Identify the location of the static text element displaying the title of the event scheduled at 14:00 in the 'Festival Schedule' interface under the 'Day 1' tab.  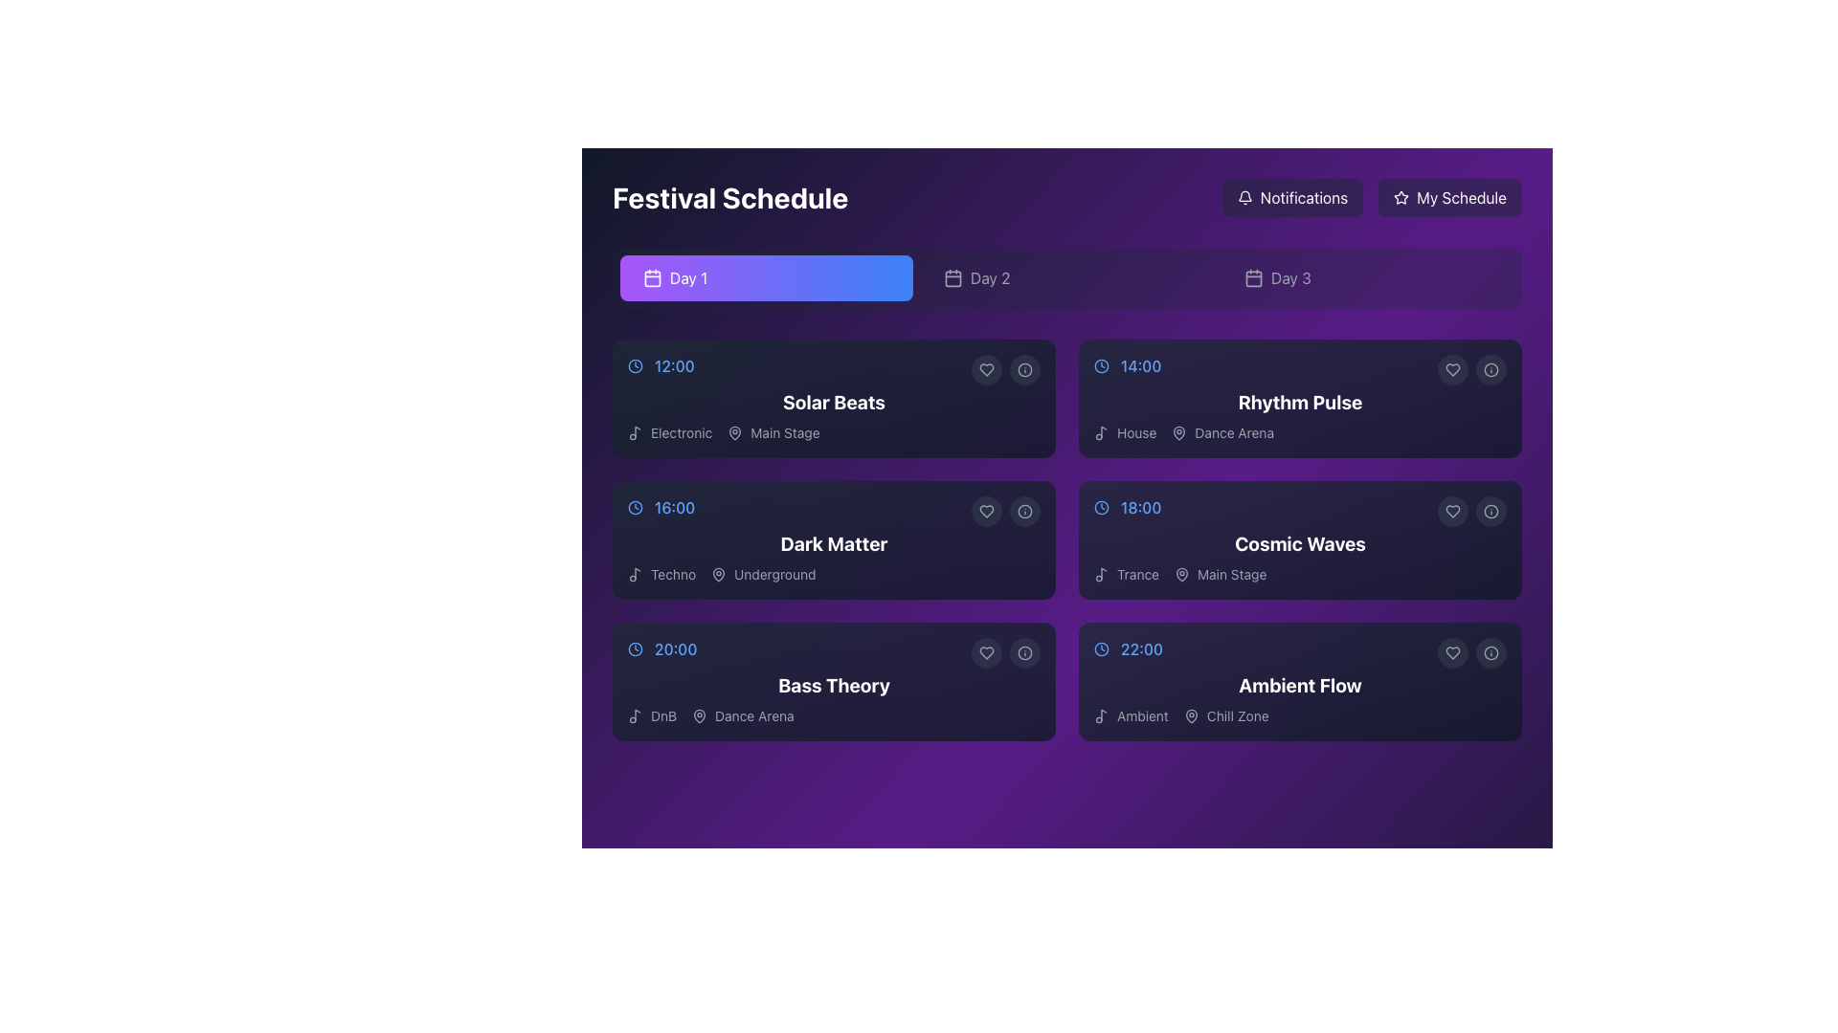
(1300, 401).